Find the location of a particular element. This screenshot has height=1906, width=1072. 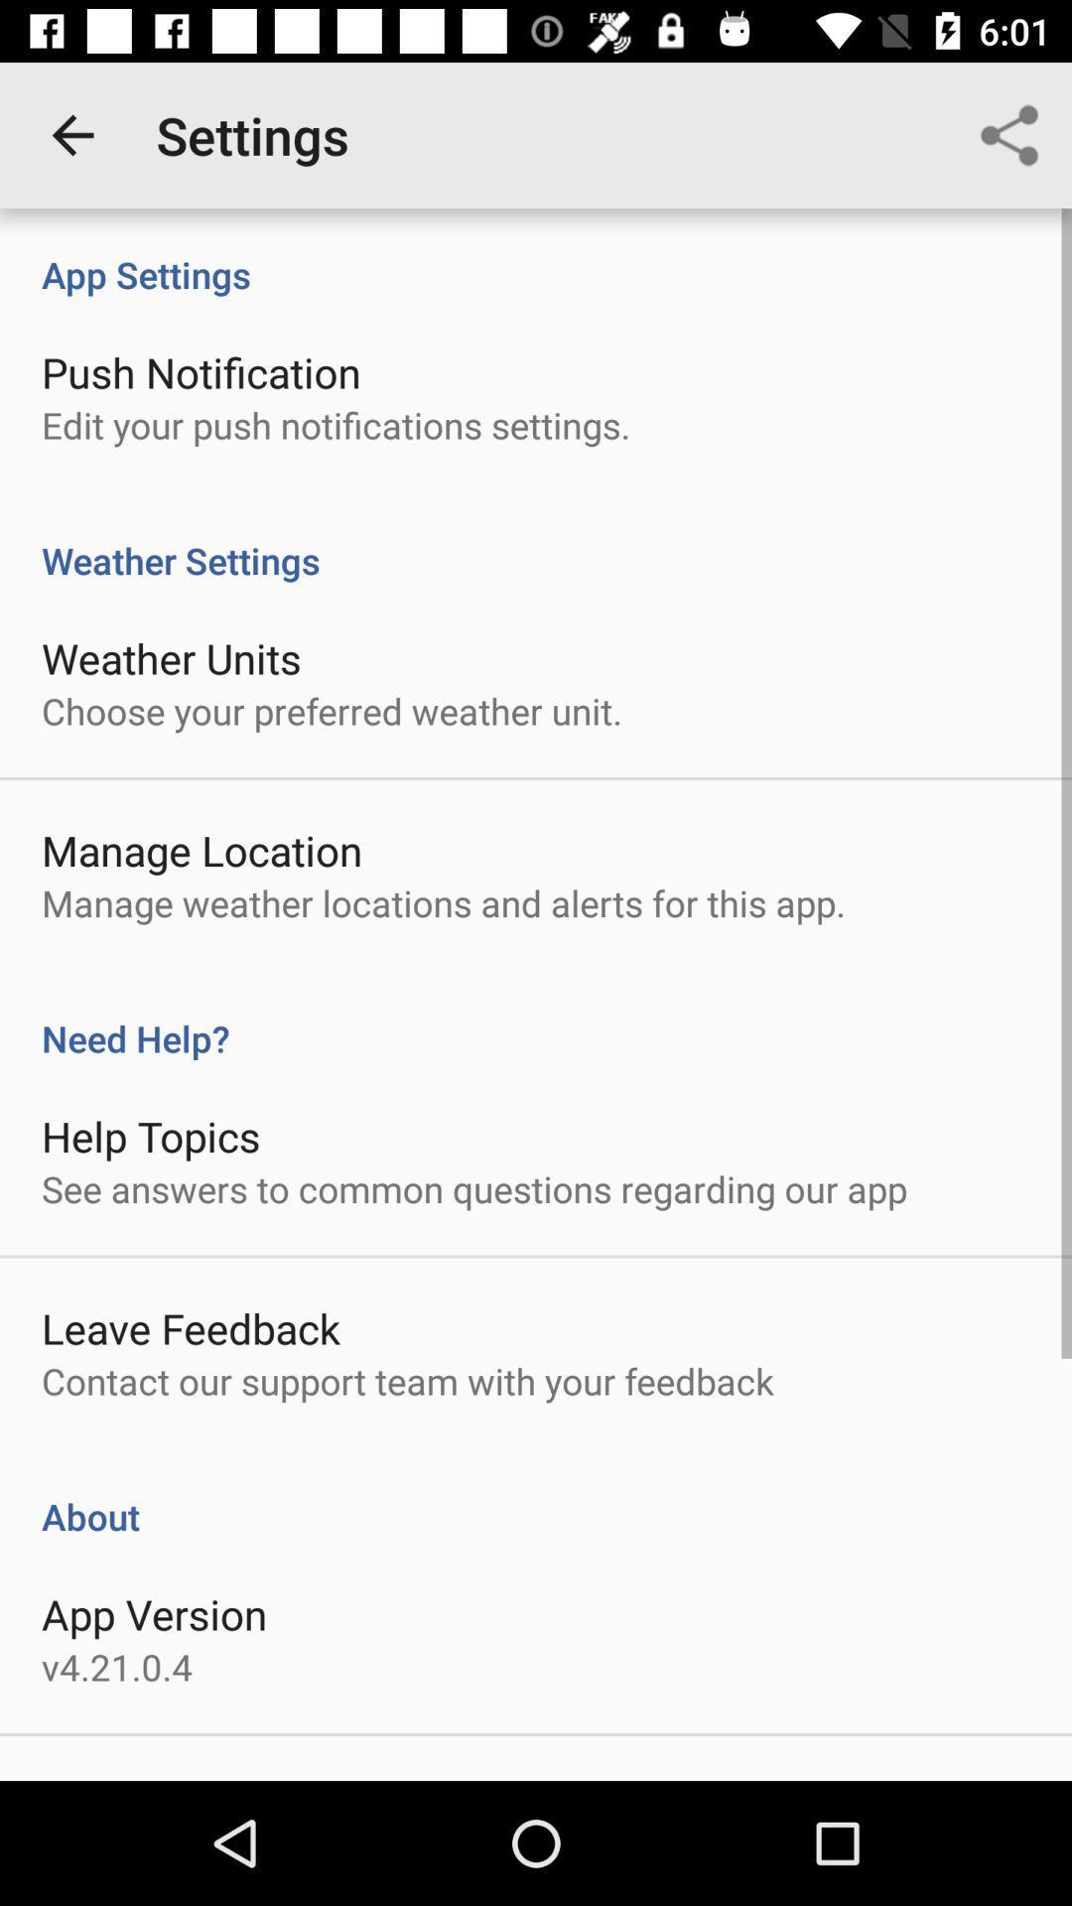

the contact our support is located at coordinates (407, 1380).